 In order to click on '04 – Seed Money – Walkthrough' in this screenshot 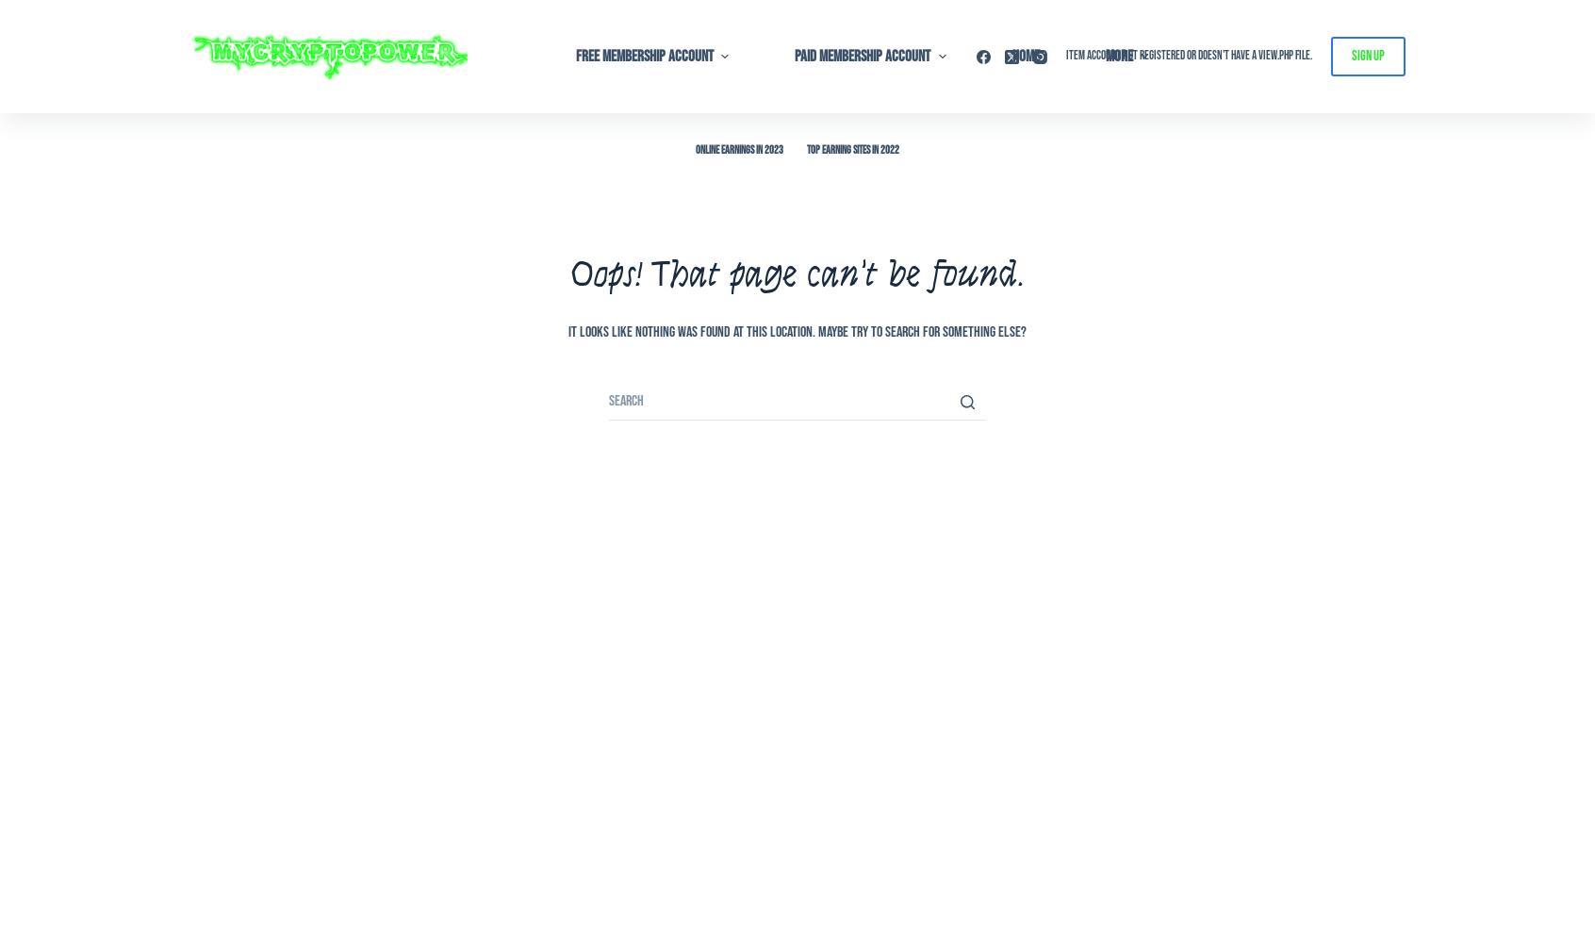, I will do `click(619, 181)`.